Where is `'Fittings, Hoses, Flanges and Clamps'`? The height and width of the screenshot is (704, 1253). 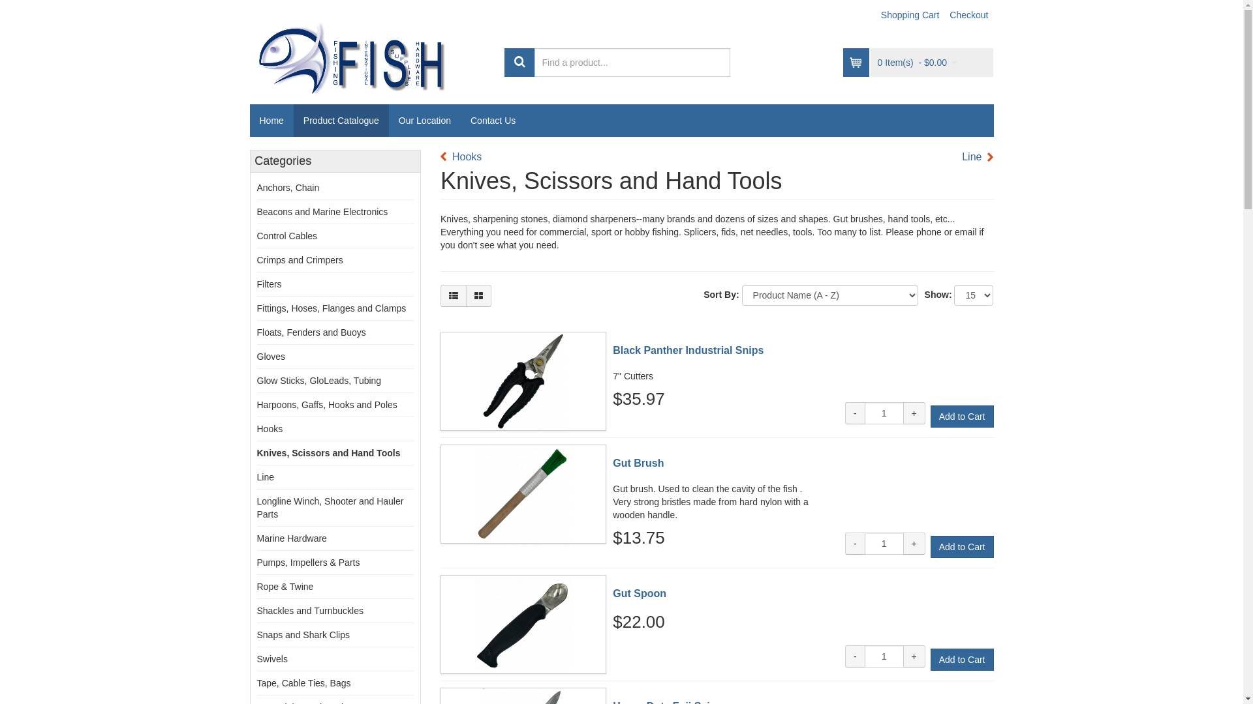 'Fittings, Hoses, Flanges and Clamps' is located at coordinates (332, 308).